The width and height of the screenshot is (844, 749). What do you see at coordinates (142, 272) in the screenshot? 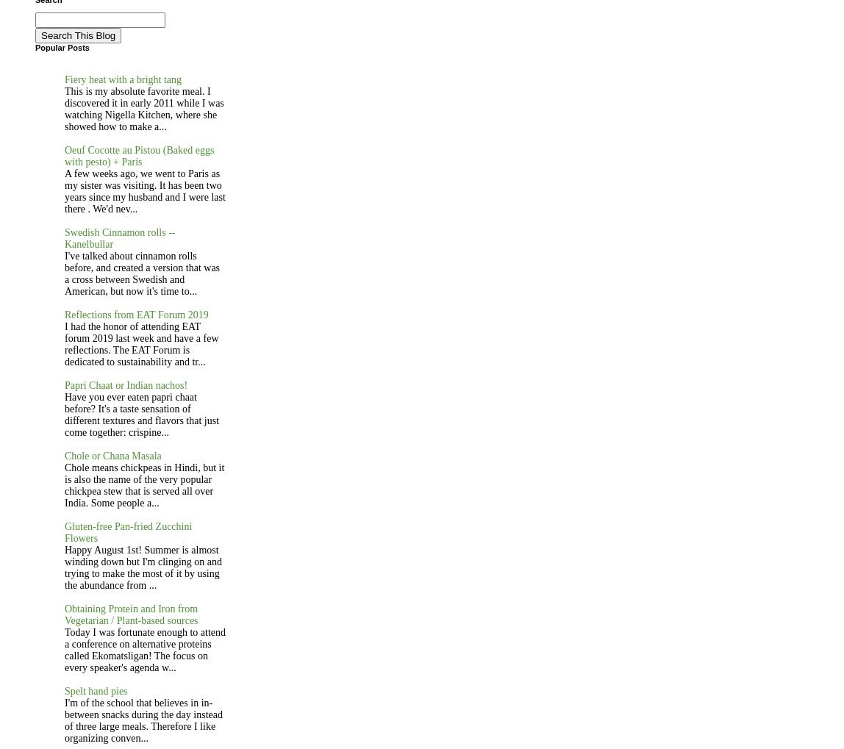
I see `'I've talked about cinnamon rolls  before, and created a version that was a cross between Swedish and American, but now it's time to...'` at bounding box center [142, 272].